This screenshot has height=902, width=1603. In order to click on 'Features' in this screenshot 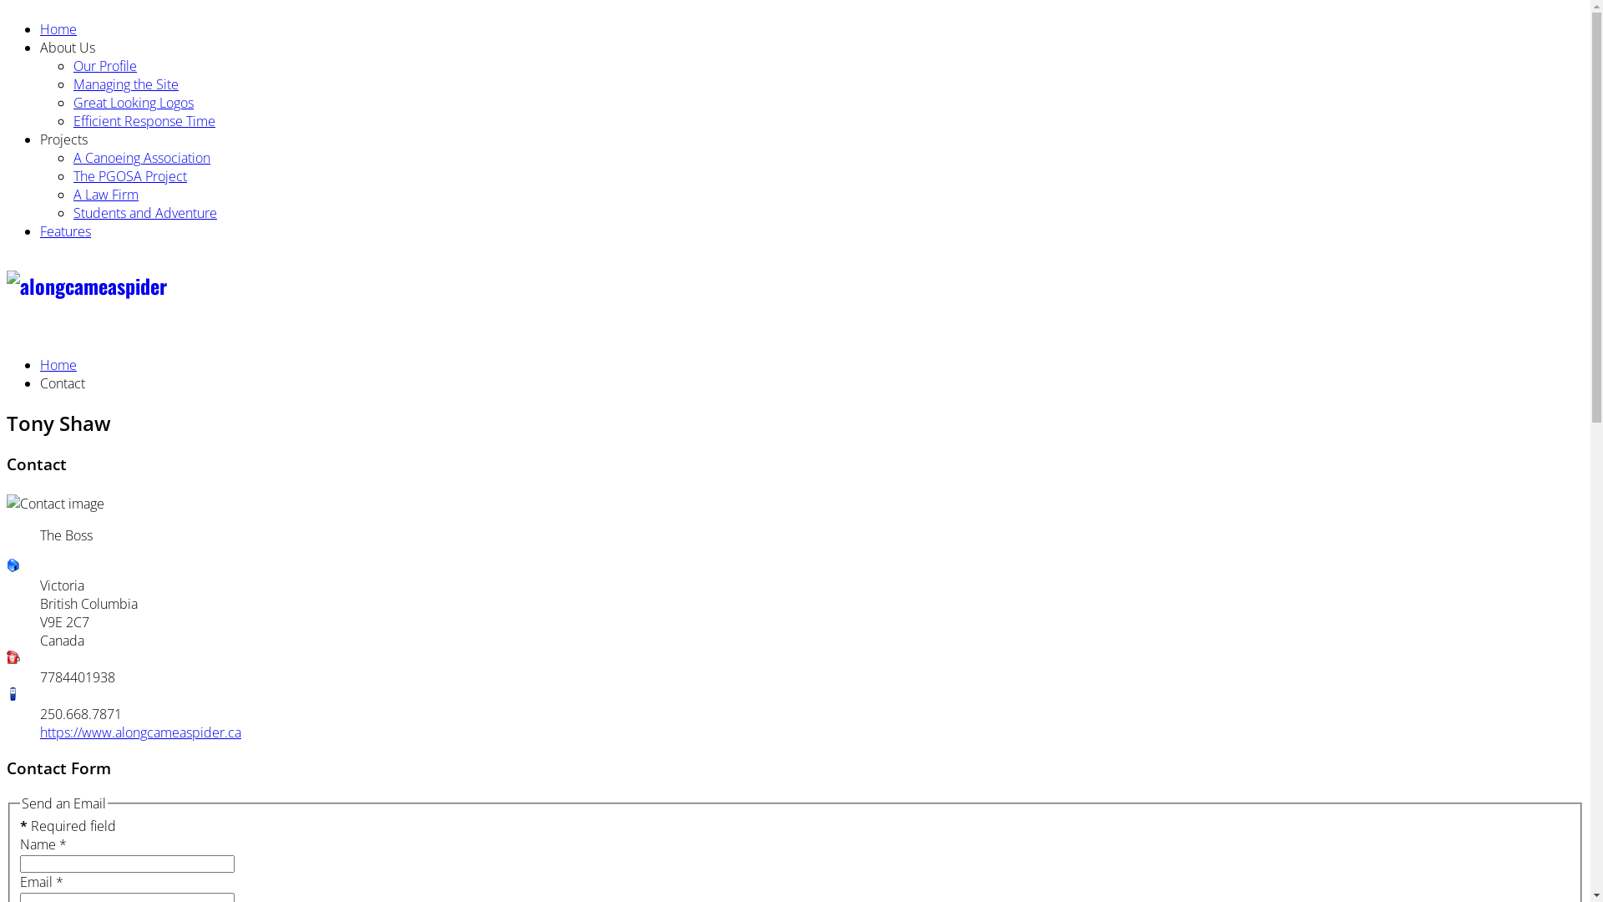, I will do `click(65, 231)`.